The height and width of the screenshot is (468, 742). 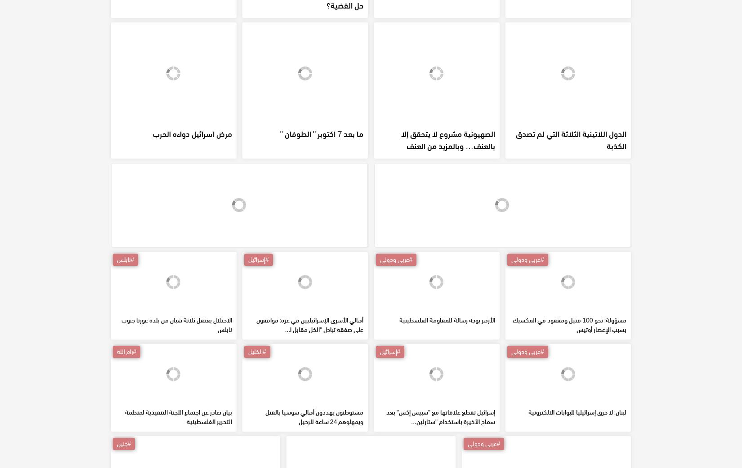 I want to click on 'هل وصل هنية إلى طهران؟...اين هو حل القضية؟', so click(x=255, y=64).